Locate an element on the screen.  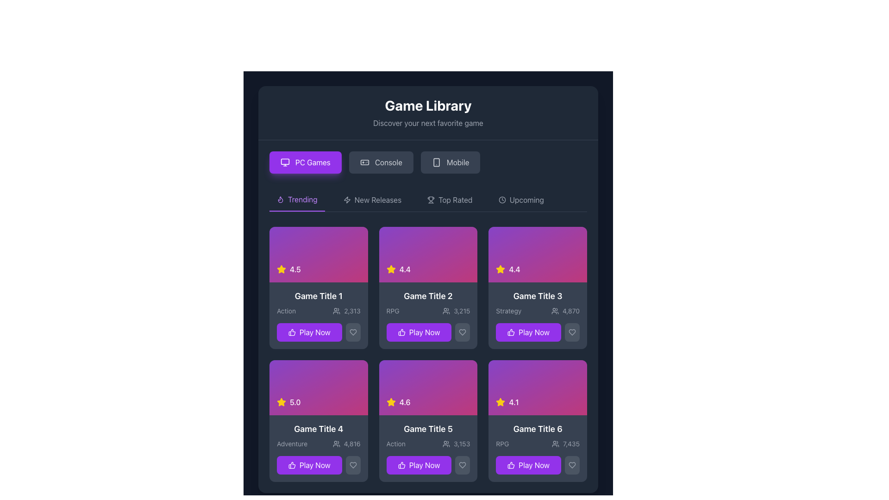
the lightning bolt icon, which is styled in a slender and angular design and located within the navigation bar, to the left of 'New Releases' and to the right of 'Trending' is located at coordinates (346, 200).